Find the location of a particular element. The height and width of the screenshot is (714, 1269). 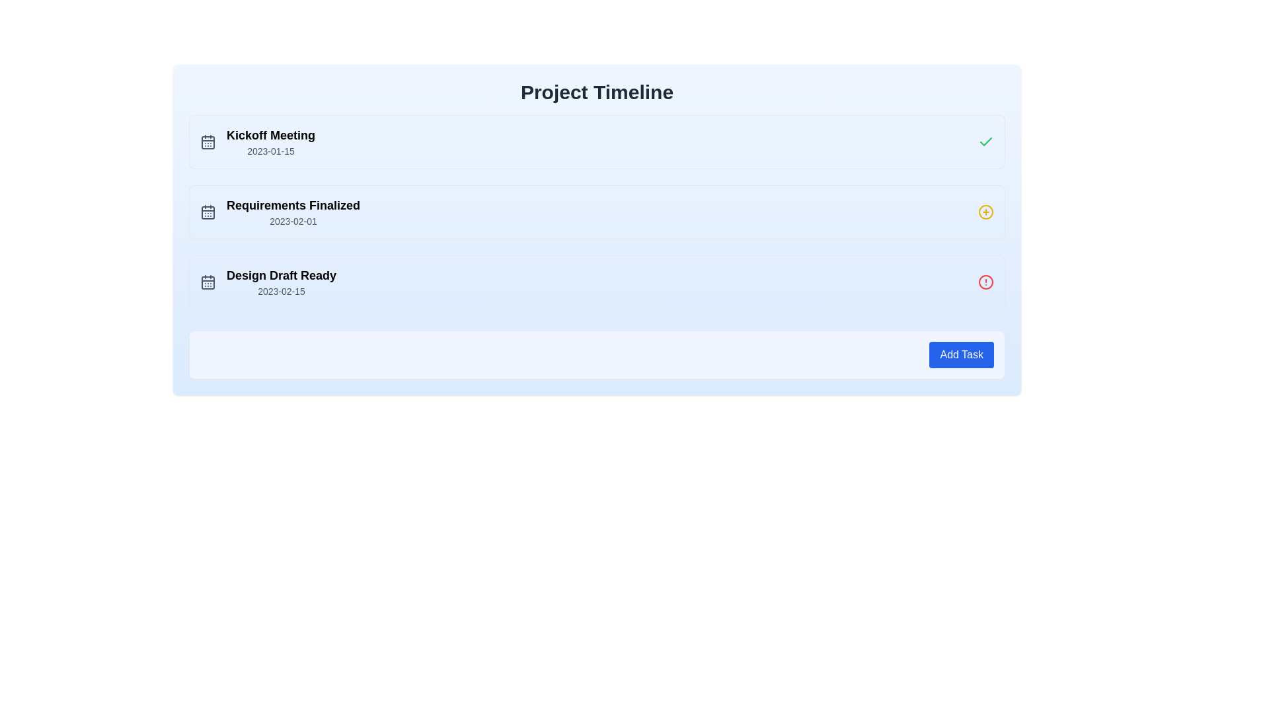

the List item featuring a calendar icon and the text label 'Design Draft Ready' with subtitle '2023-02-15', which is the third item in a vertical list within the timeline interface is located at coordinates (268, 282).